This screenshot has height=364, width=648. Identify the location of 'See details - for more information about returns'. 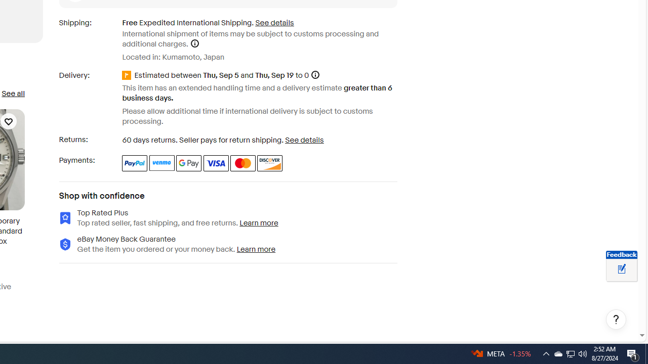
(304, 140).